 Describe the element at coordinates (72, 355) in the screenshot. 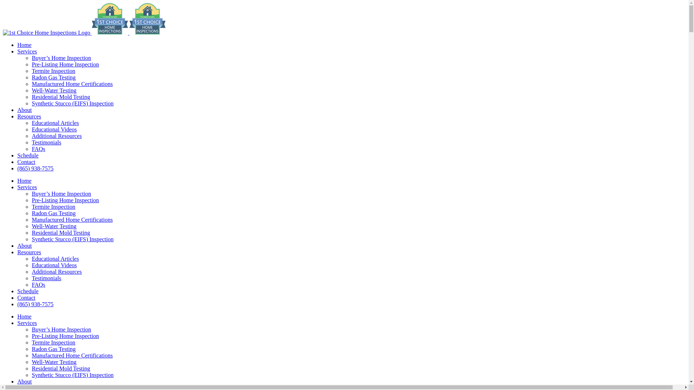

I see `'Manufactured Home Certifications'` at that location.